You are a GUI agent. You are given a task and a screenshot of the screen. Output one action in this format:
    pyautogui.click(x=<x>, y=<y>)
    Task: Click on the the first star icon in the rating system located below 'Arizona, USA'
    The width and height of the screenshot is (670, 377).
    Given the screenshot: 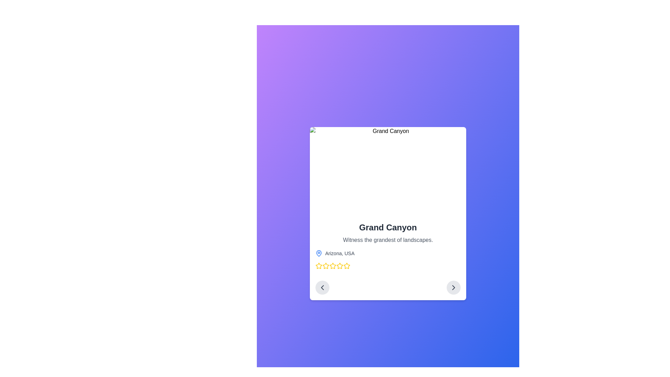 What is the action you would take?
    pyautogui.click(x=318, y=266)
    